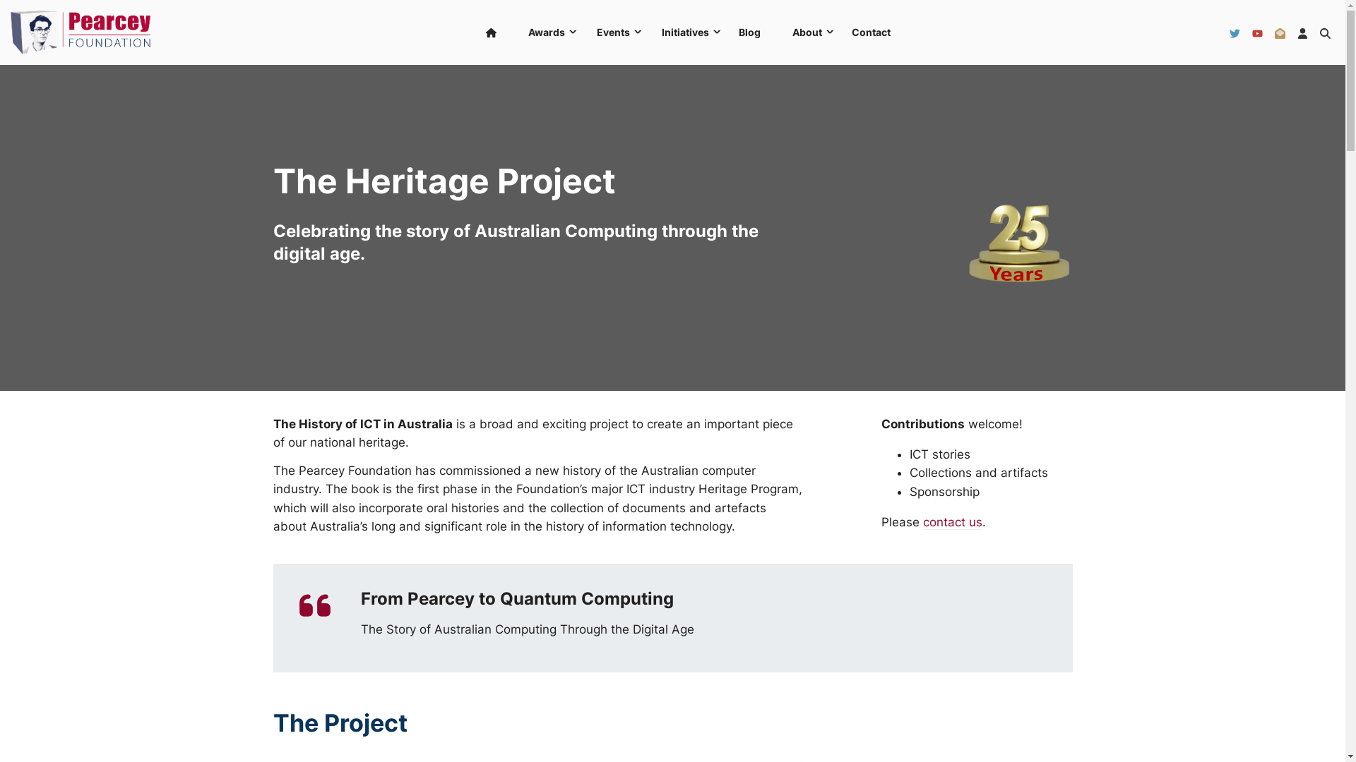 Image resolution: width=1356 pixels, height=762 pixels. What do you see at coordinates (1251, 32) in the screenshot?
I see `'YouTube'` at bounding box center [1251, 32].